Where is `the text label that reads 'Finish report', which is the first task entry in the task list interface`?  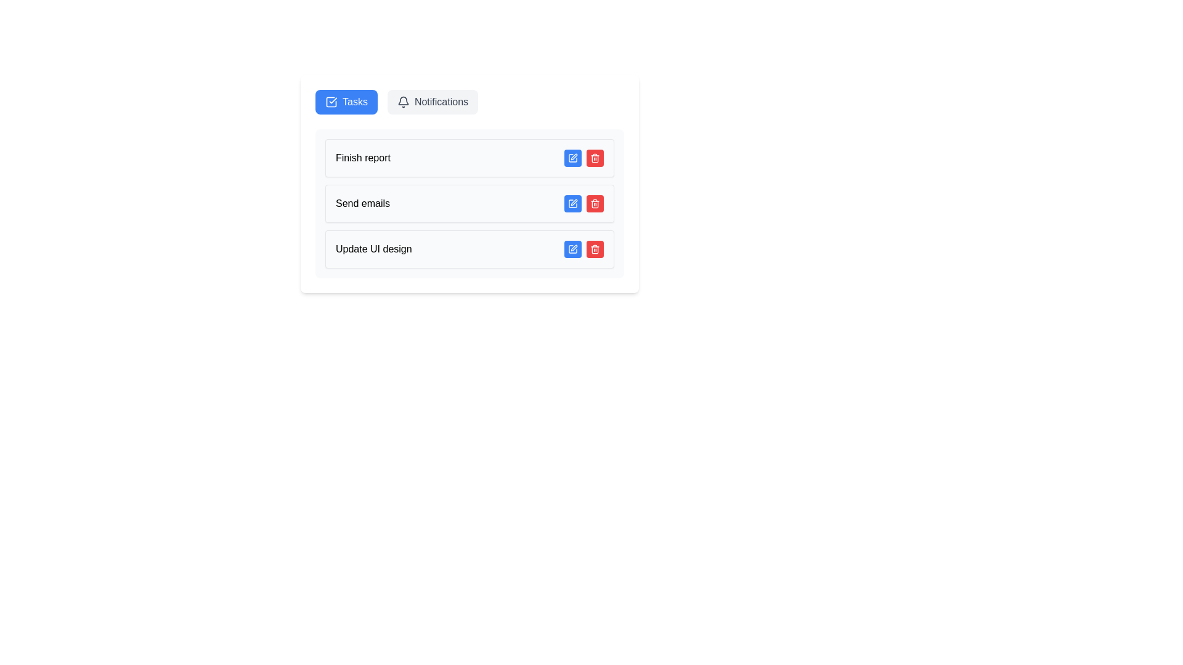 the text label that reads 'Finish report', which is the first task entry in the task list interface is located at coordinates (362, 158).